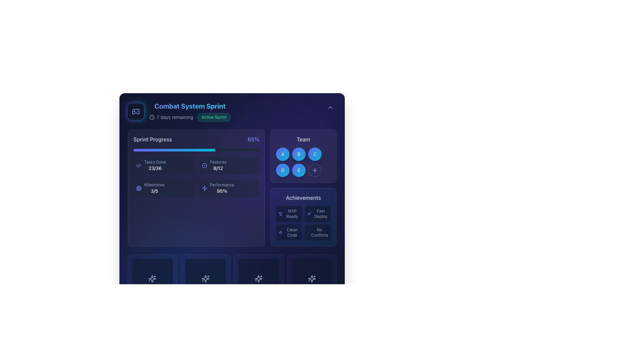 This screenshot has width=644, height=362. I want to click on the Statistical card displaying 'Milestones' with the target icon, located in the bottom left quadrant of the 'Sprint Progress' section, so click(163, 188).